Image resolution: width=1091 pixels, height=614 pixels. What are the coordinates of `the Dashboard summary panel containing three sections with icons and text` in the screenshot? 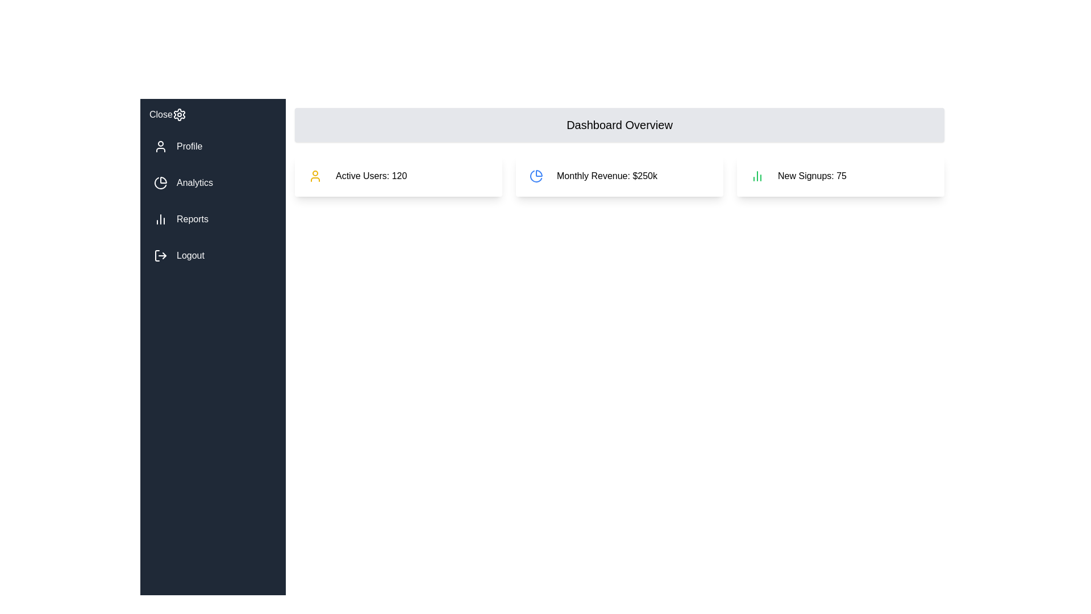 It's located at (619, 176).